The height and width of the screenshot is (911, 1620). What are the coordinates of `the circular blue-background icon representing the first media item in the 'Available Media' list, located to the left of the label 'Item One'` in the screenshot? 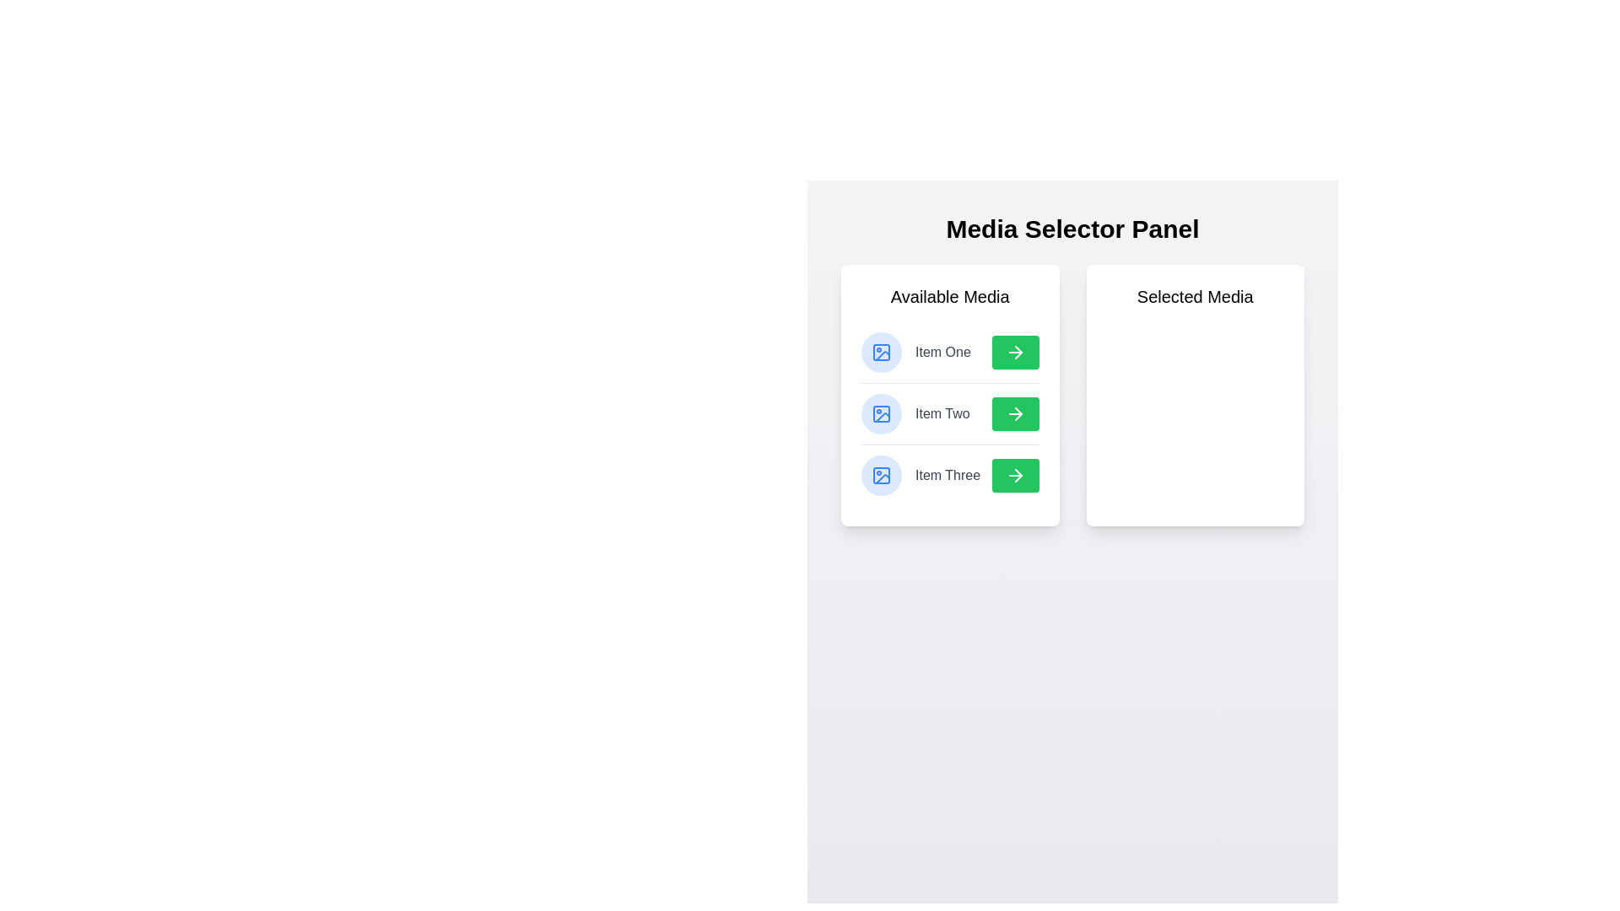 It's located at (881, 351).